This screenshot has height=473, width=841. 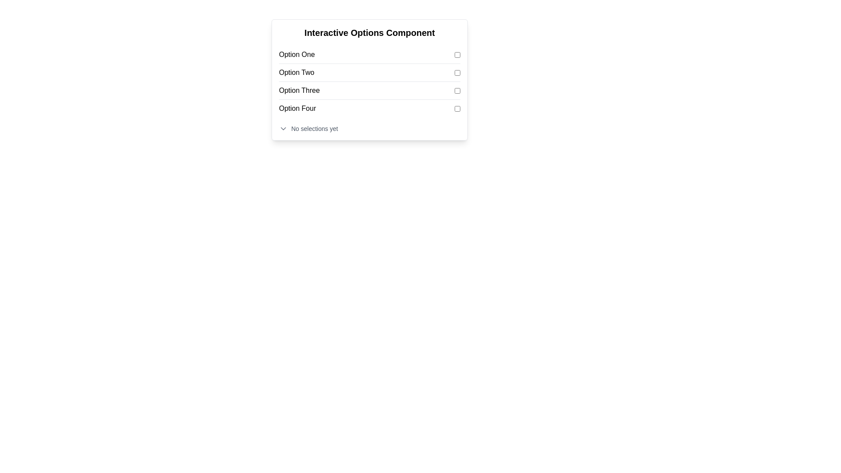 I want to click on the checkbox for 'Option Two' in the grouped checkboxes within the 'Interactive Options Component', so click(x=370, y=81).